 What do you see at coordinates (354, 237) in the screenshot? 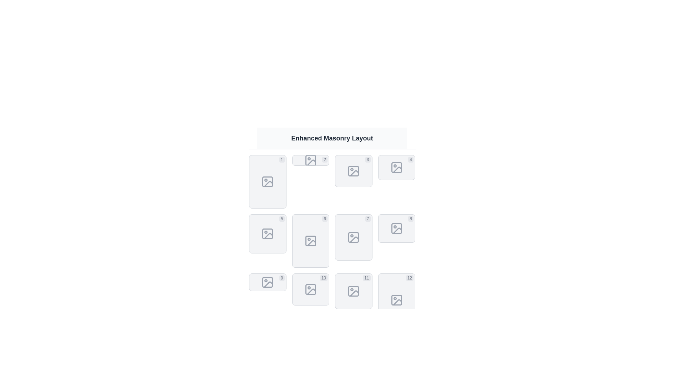
I see `the light gray rounded rectangle graphic element located in the center of the seventh item in a 12-item grid layout` at bounding box center [354, 237].